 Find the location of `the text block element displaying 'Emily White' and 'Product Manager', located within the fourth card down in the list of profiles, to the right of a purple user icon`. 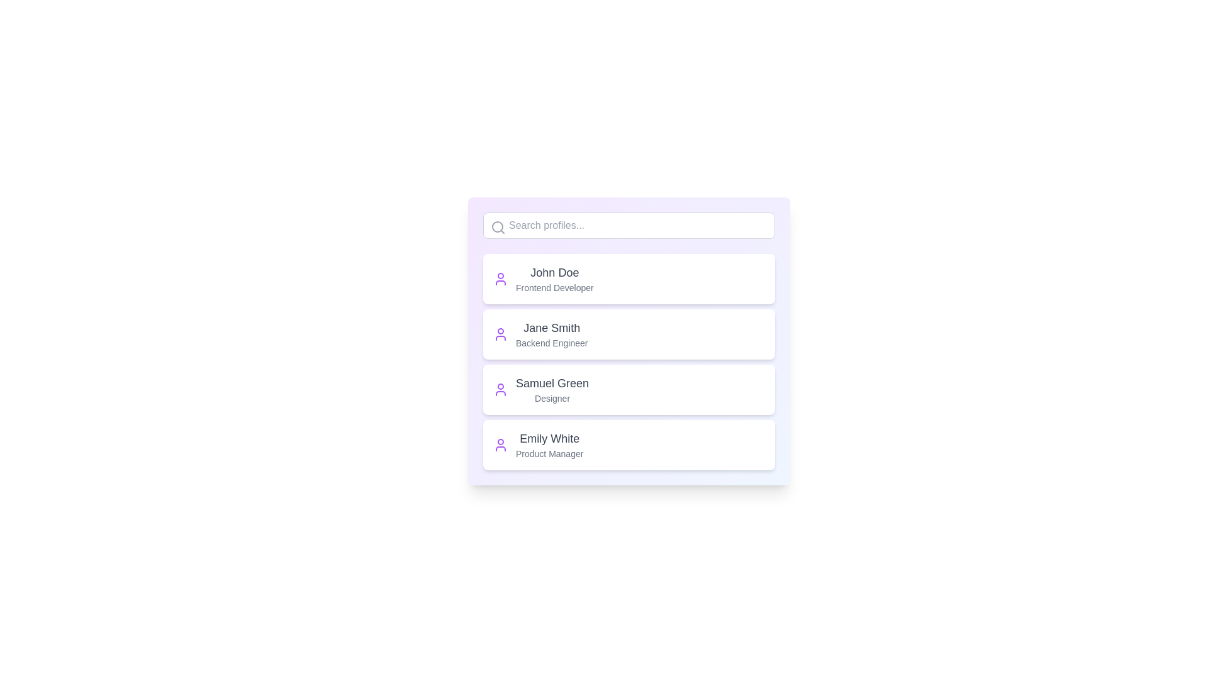

the text block element displaying 'Emily White' and 'Product Manager', located within the fourth card down in the list of profiles, to the right of a purple user icon is located at coordinates (549, 444).